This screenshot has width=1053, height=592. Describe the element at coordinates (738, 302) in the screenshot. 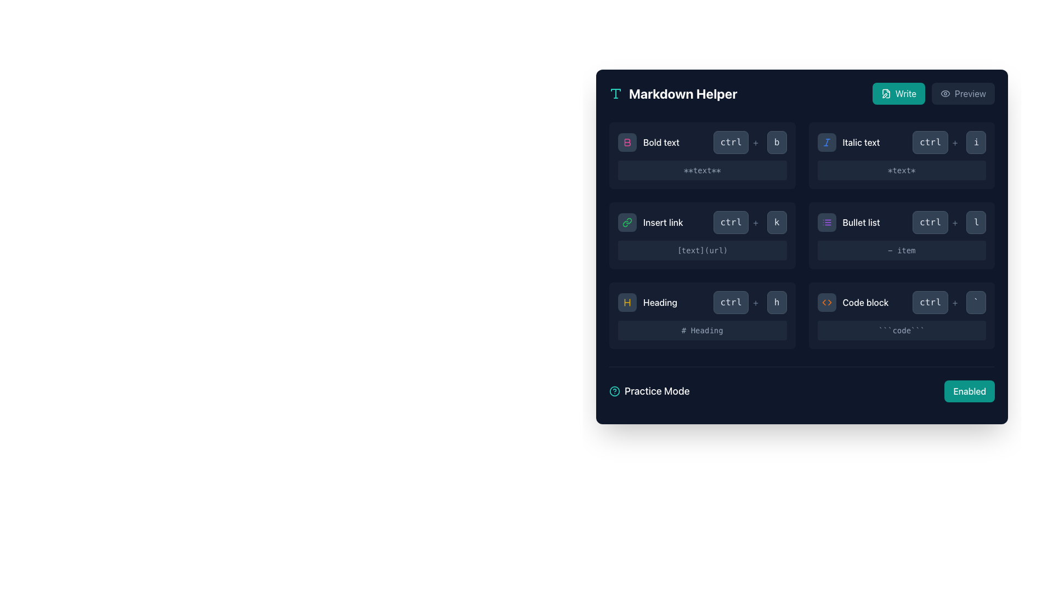

I see `the keyboard shortcut association for the 'ctrl' part of the 'ctrl+h' keyboard shortcut in the Markdown Helper interface, represented by the Label element` at that location.